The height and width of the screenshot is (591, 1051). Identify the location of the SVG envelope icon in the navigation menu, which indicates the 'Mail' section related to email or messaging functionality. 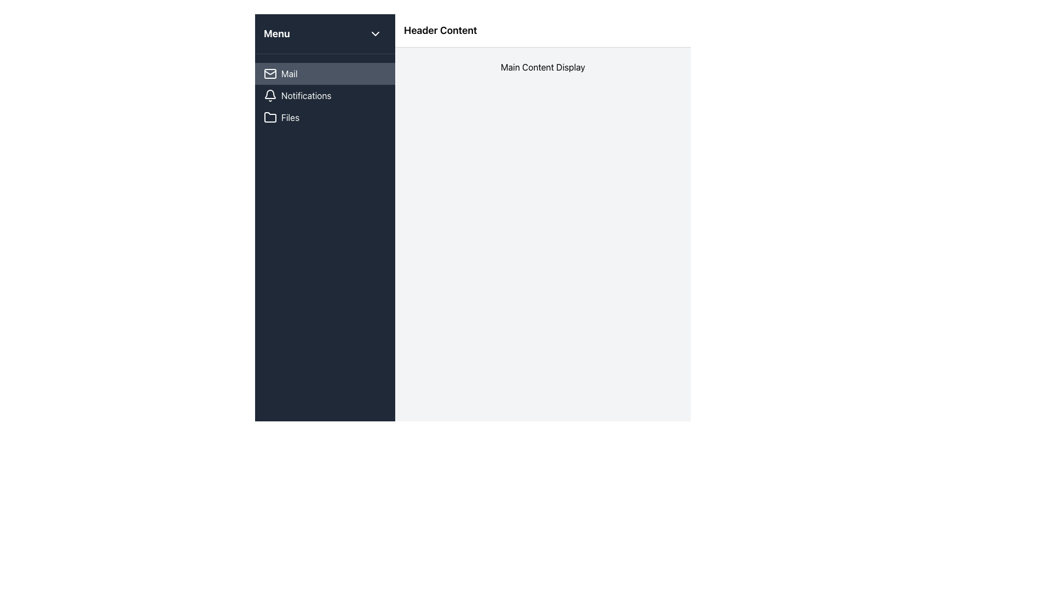
(270, 74).